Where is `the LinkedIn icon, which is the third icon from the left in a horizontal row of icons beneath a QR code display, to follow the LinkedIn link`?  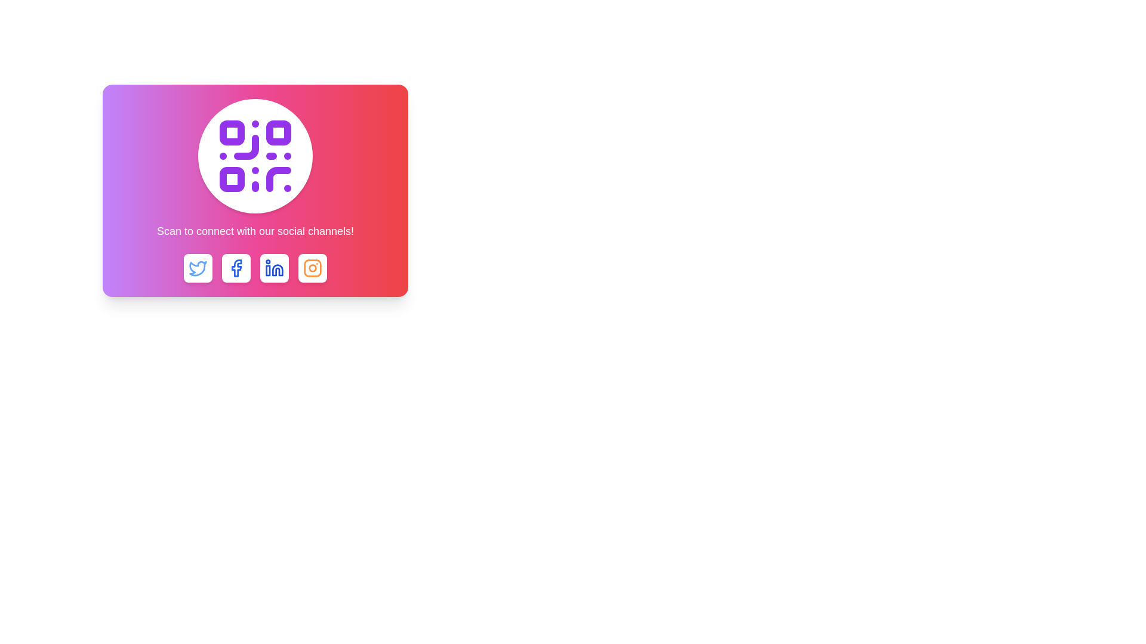
the LinkedIn icon, which is the third icon from the left in a horizontal row of icons beneath a QR code display, to follow the LinkedIn link is located at coordinates (274, 268).